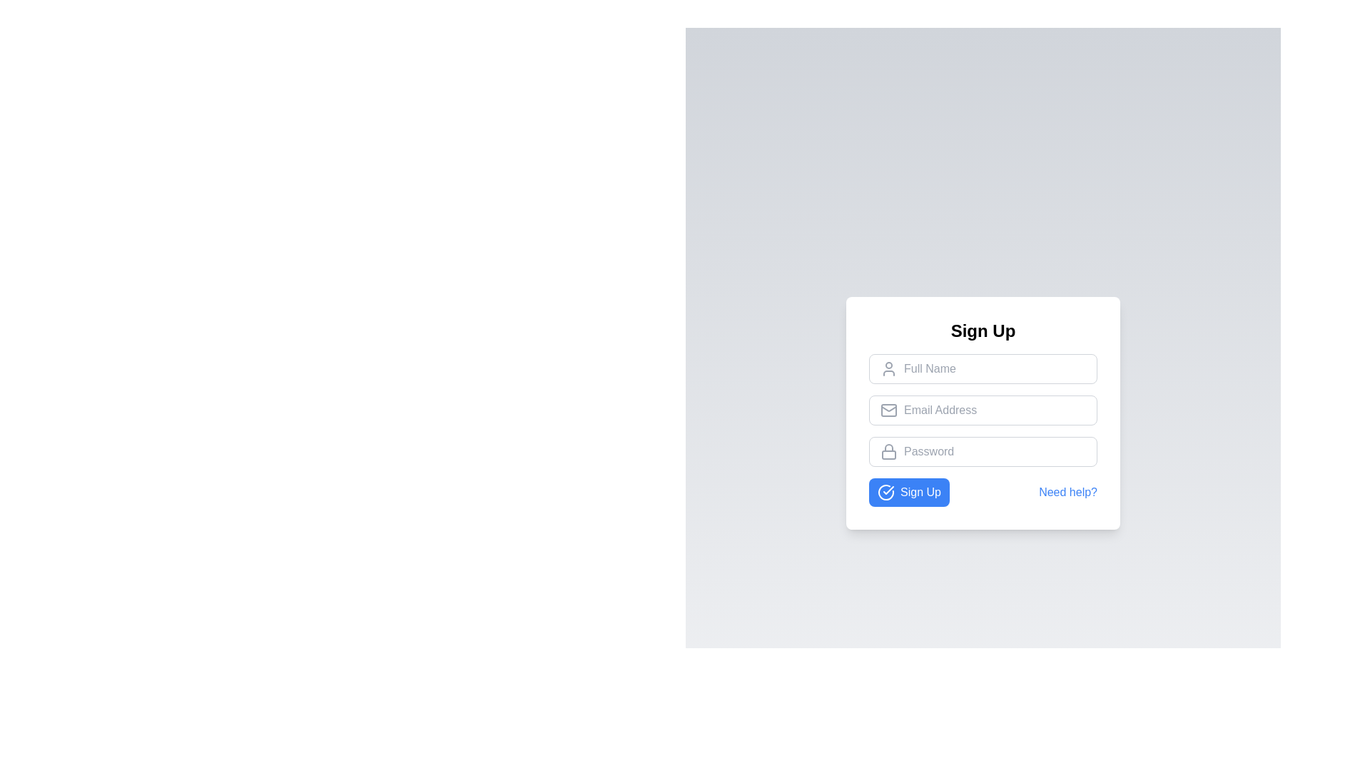 The image size is (1370, 771). What do you see at coordinates (908, 492) in the screenshot?
I see `the submission button located under the input fields for 'Full Name,' 'Email Address,' and 'Password' to observe the hover effect` at bounding box center [908, 492].